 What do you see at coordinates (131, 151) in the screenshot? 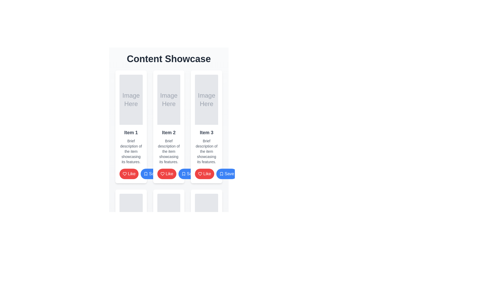
I see `the text block that provides a short description of the item represented by the card titled 'Item 1', located under the title within the first card of the horizontally arranged group` at bounding box center [131, 151].